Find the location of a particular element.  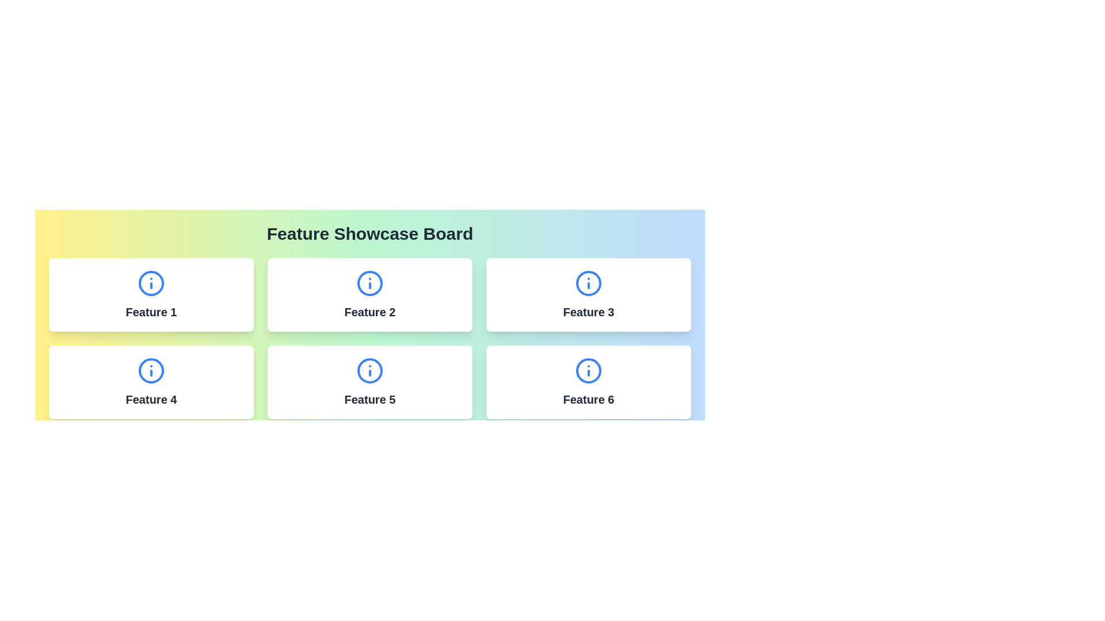

text label located at the top center of the interface, which serves as the title or header for the section is located at coordinates (370, 233).